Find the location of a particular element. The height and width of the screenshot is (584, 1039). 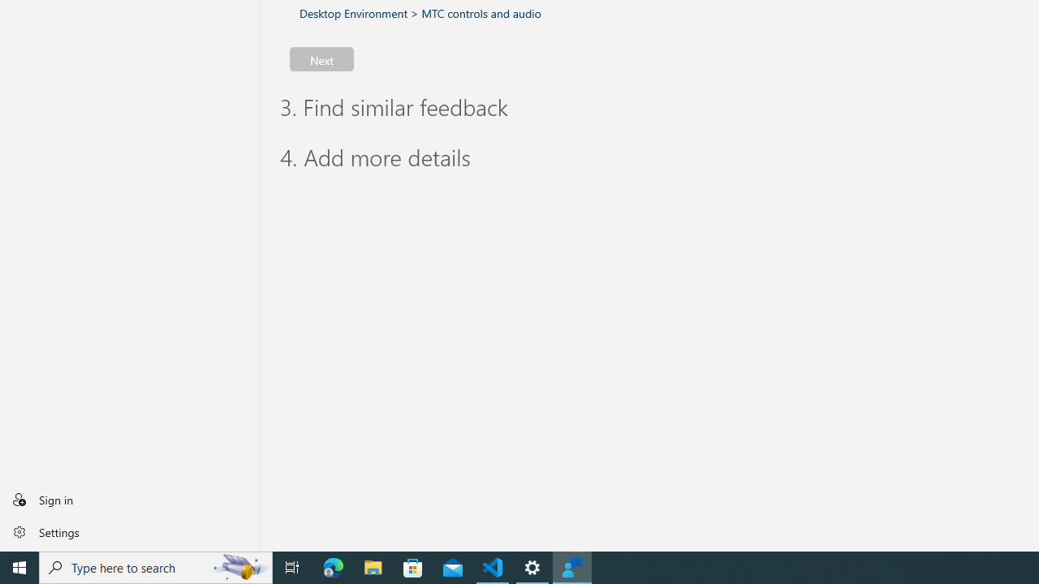

'Sign in' is located at coordinates (130, 499).